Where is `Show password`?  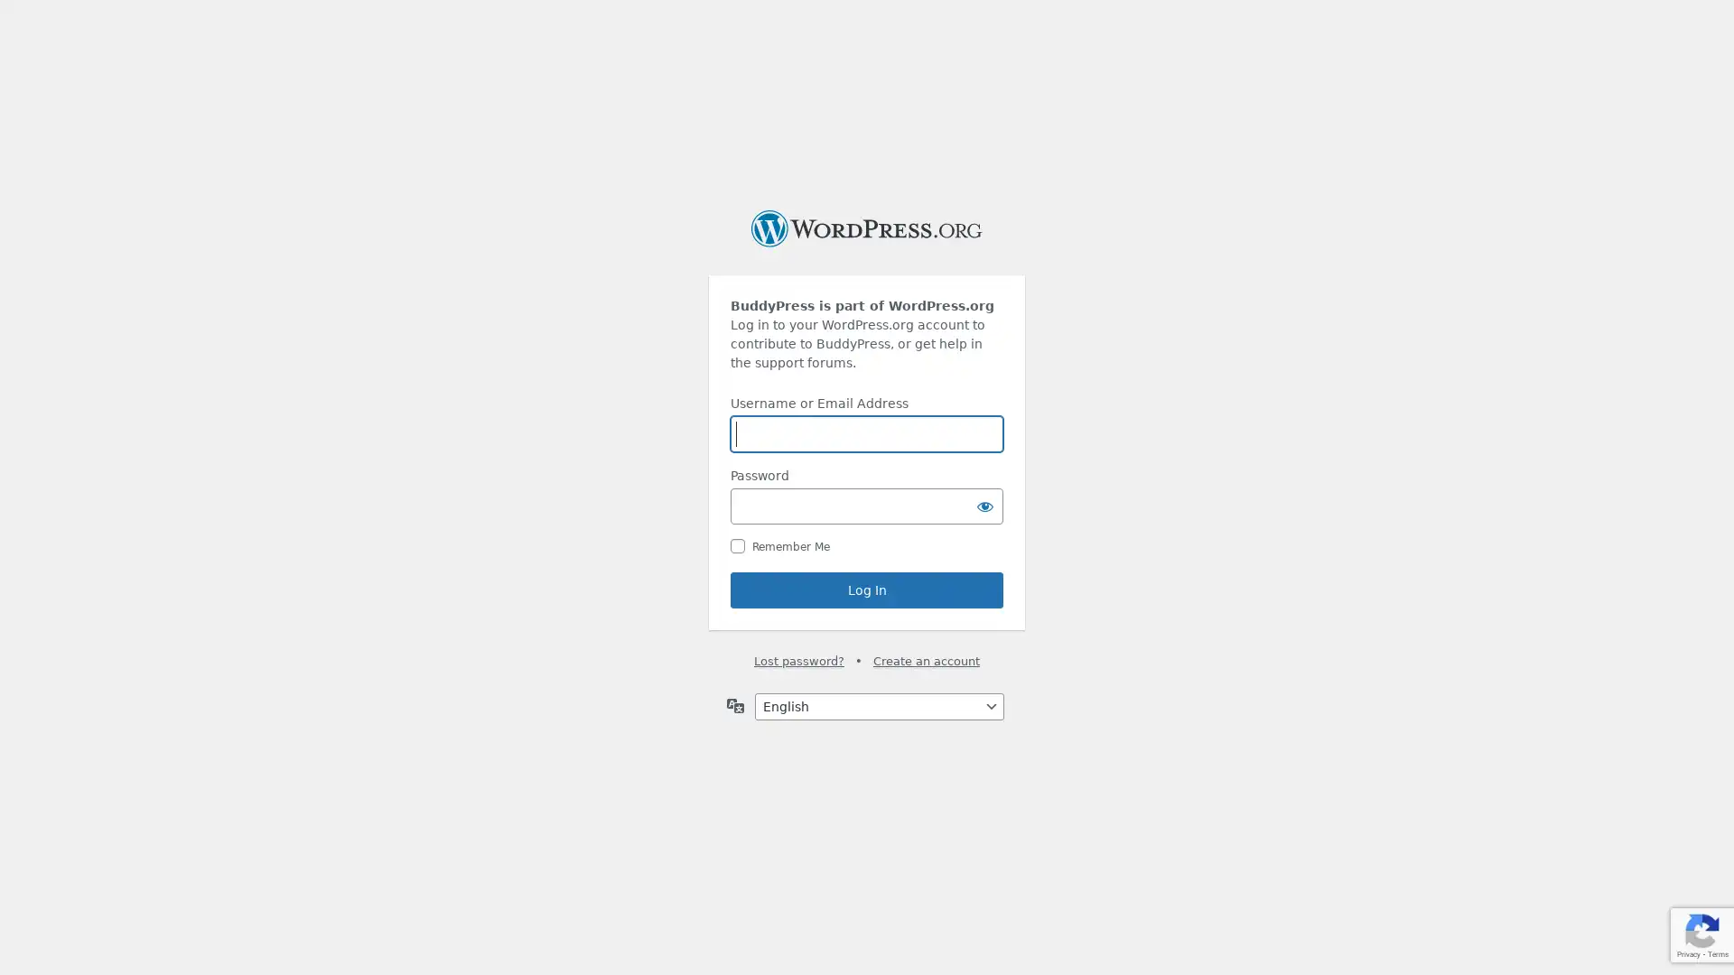 Show password is located at coordinates (984, 506).